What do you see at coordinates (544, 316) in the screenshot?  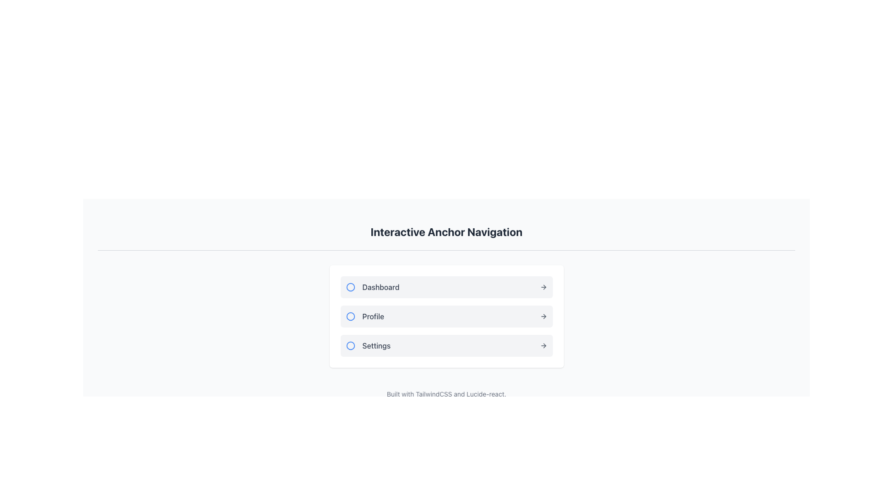 I see `the 'Profile' option which the arrow icon indicates leads to further information, located in the middle section of the card` at bounding box center [544, 316].